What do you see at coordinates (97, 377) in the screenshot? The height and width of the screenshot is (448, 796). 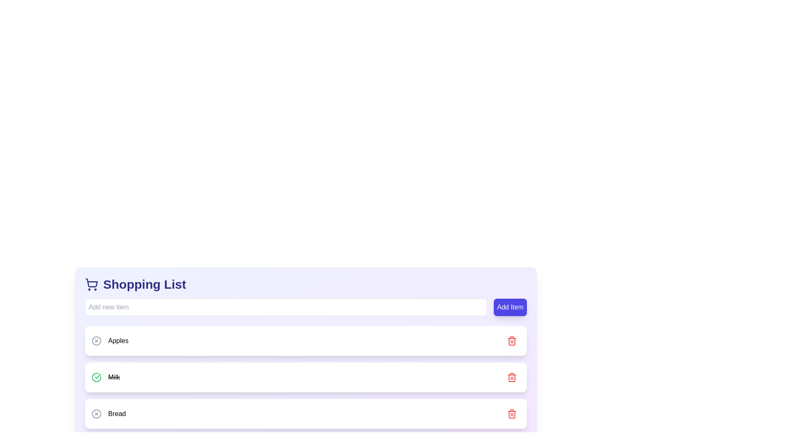 I see `the circular green checkmark icon located to the far left of the strikethrough text 'Milk' in the second list item of the shopping list interface to interact with it, possibly toggling its state` at bounding box center [97, 377].